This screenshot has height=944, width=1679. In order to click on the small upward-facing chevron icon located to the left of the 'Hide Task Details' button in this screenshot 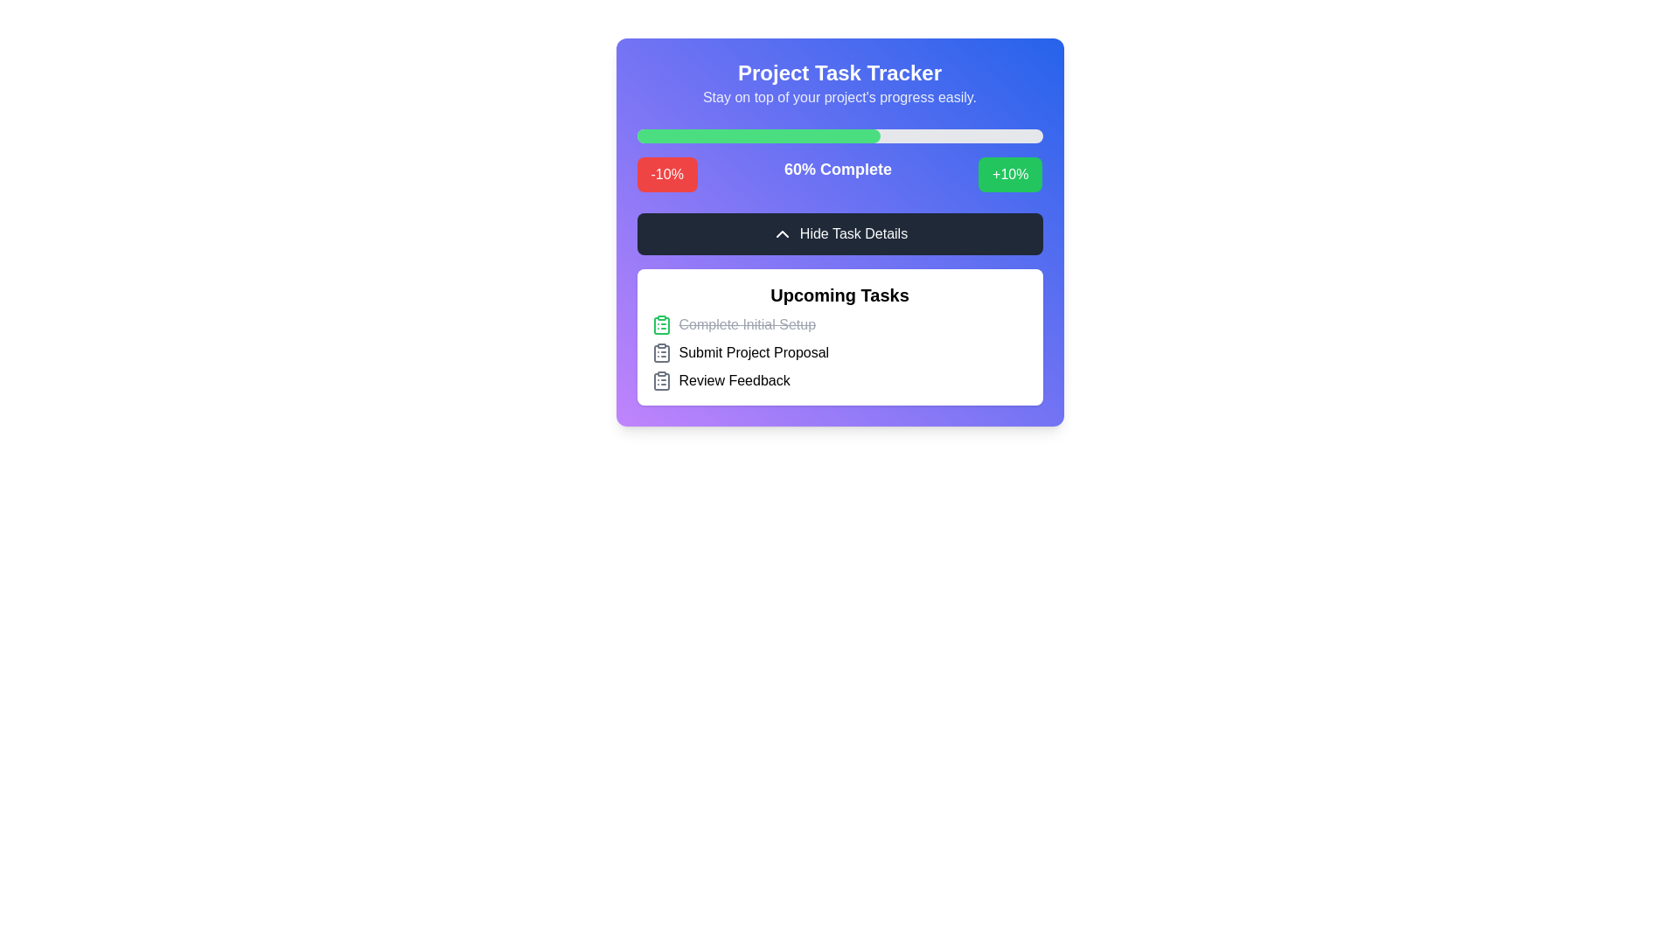, I will do `click(781, 233)`.